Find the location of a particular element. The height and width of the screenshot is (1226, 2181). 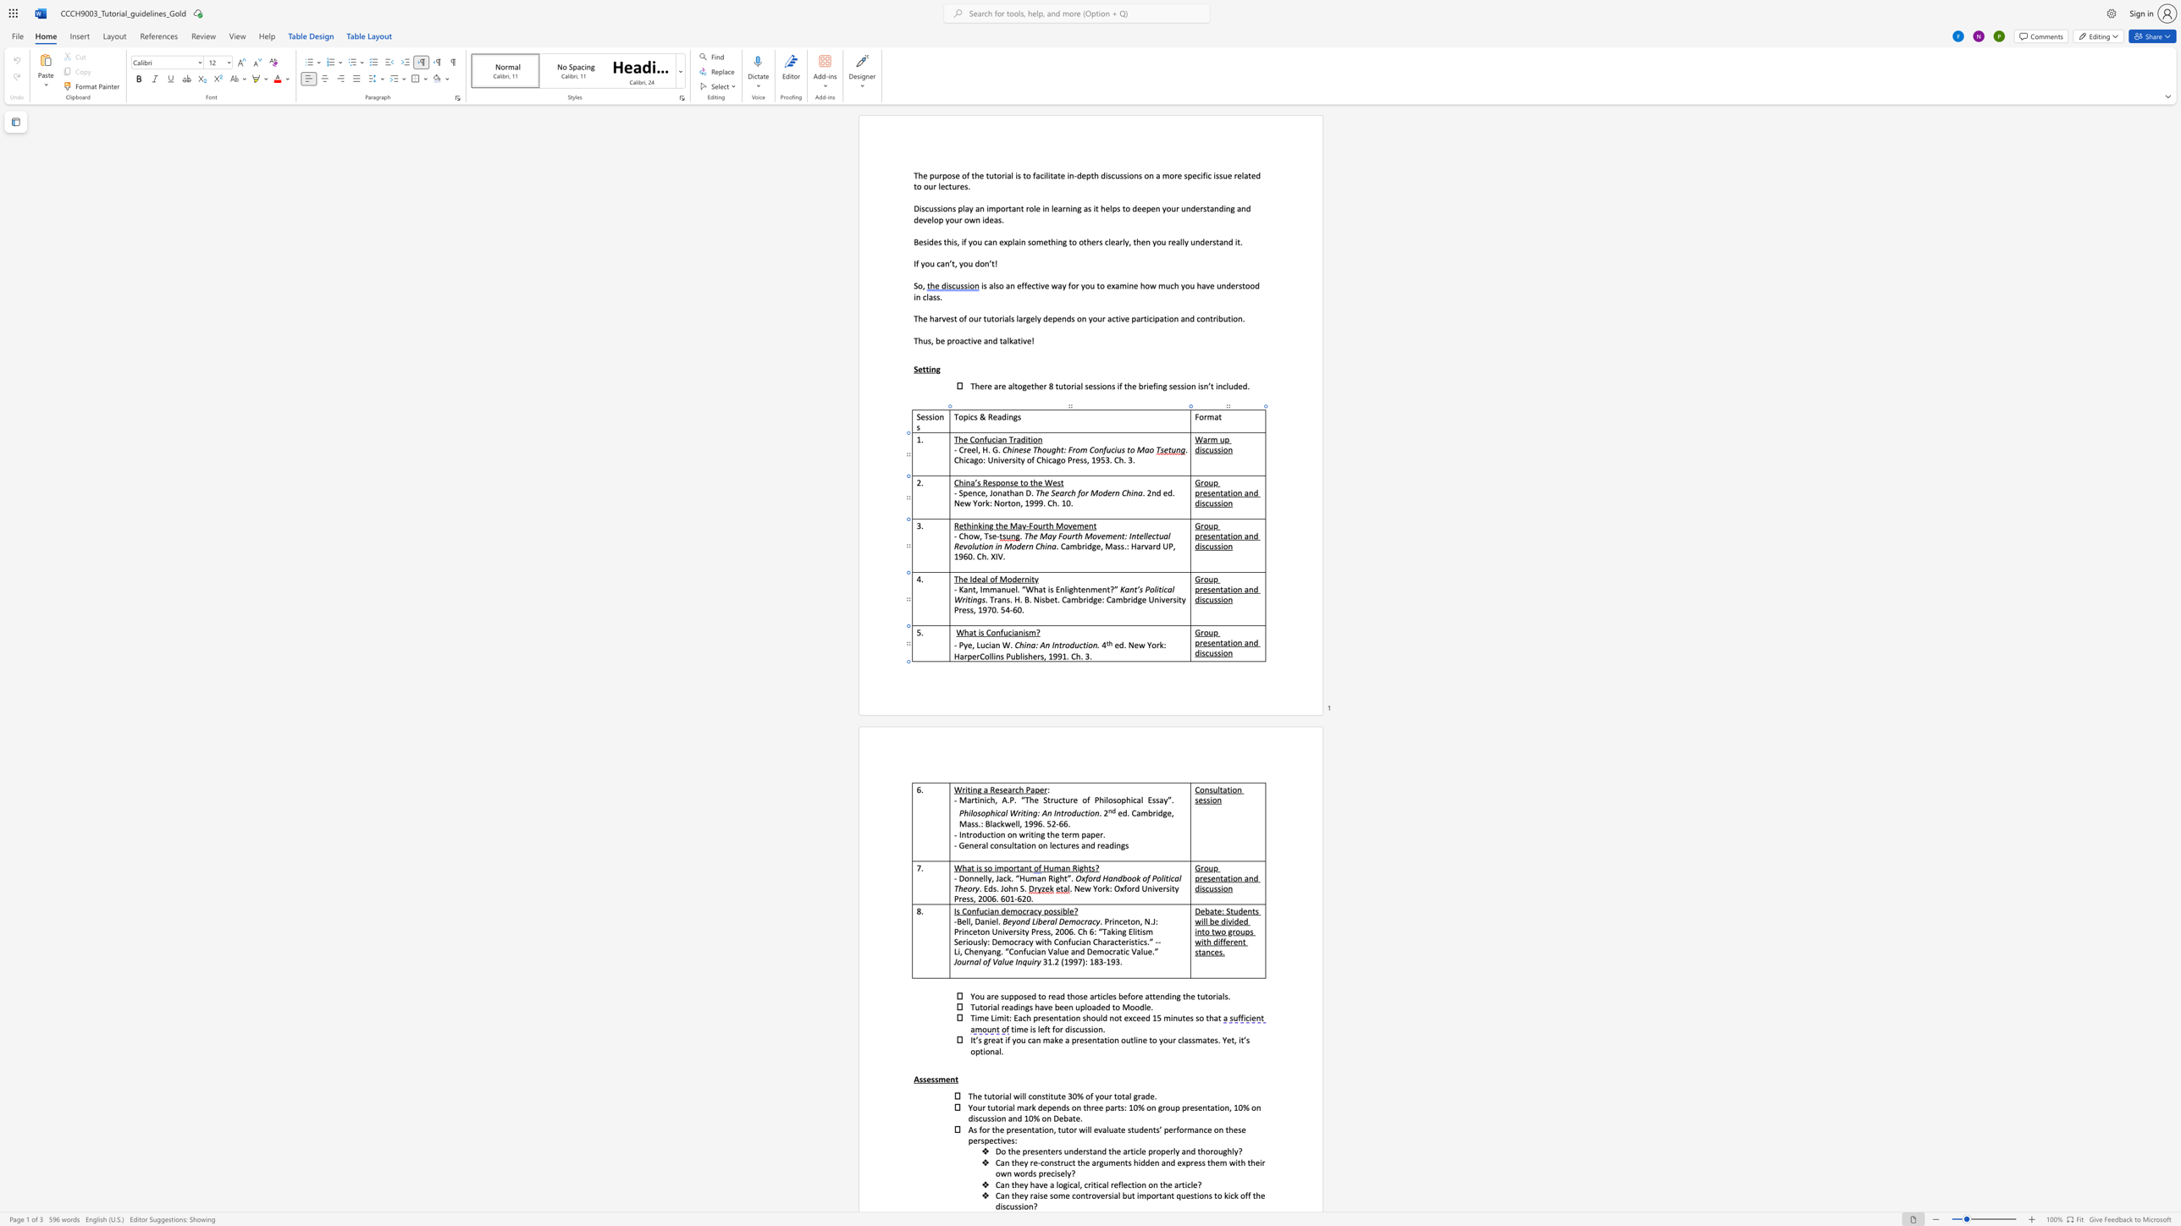

the 1th character "e" in the text is located at coordinates (973, 656).